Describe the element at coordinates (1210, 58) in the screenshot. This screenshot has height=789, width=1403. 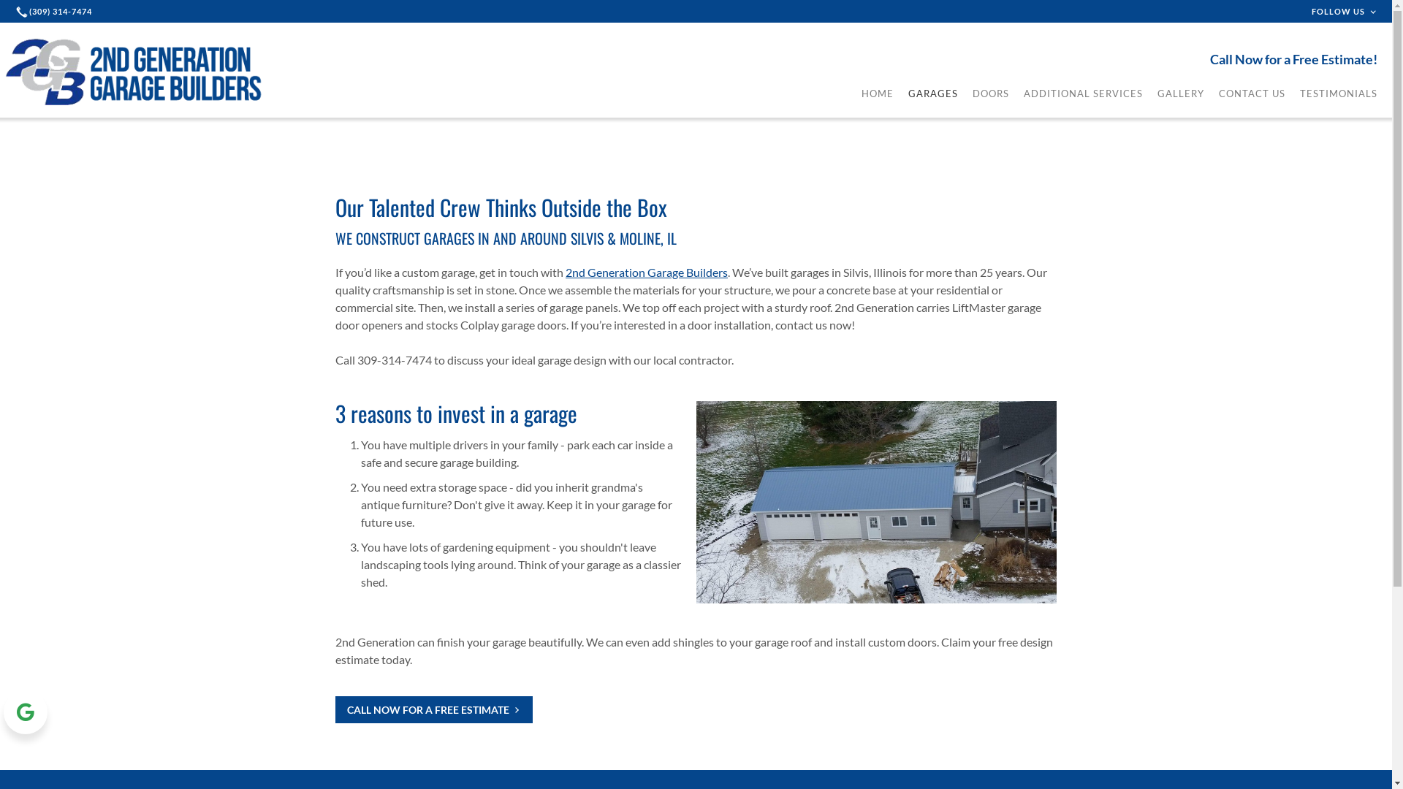
I see `'Call Now for a Free Estimate!'` at that location.